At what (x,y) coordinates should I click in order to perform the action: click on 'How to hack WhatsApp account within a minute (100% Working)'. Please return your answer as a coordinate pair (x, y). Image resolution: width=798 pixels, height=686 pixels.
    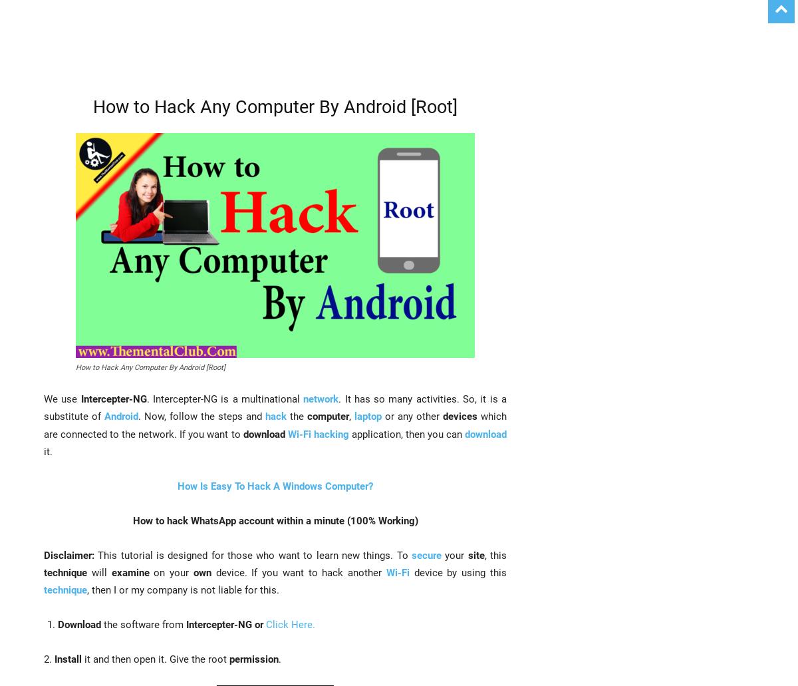
    Looking at the image, I should click on (131, 520).